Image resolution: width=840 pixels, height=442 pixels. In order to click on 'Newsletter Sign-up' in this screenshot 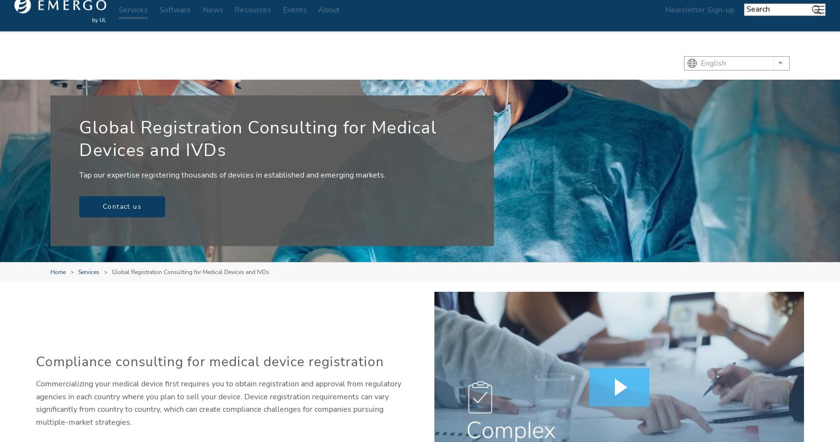, I will do `click(699, 22)`.